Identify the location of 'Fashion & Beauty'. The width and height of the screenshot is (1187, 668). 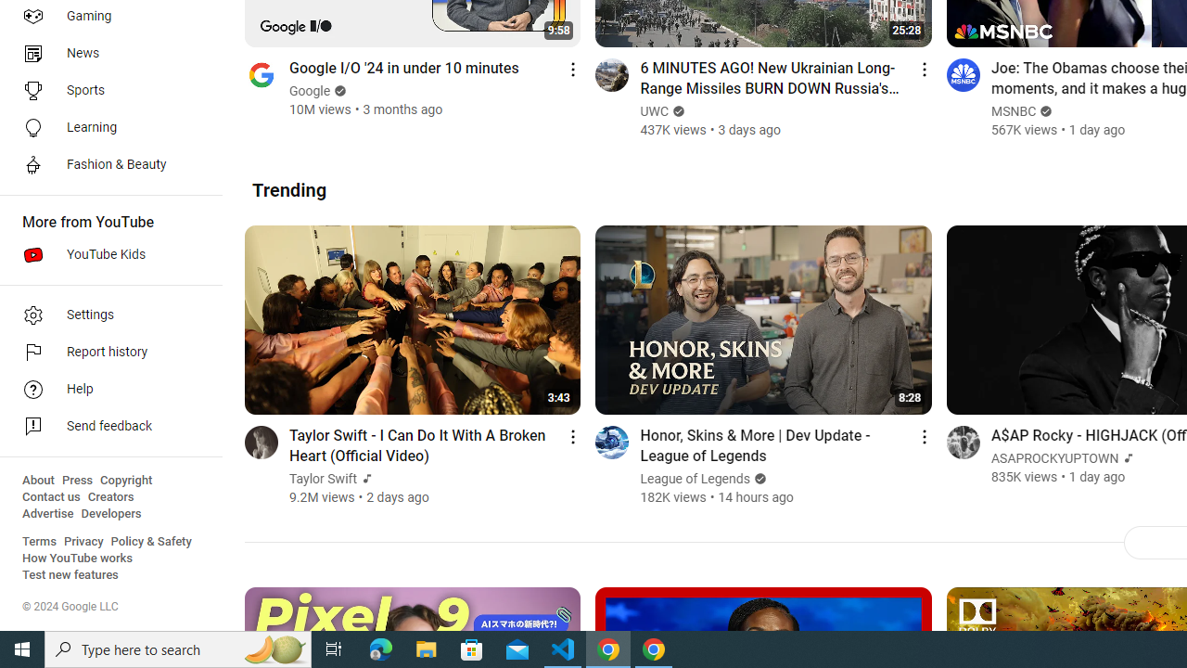
(104, 163).